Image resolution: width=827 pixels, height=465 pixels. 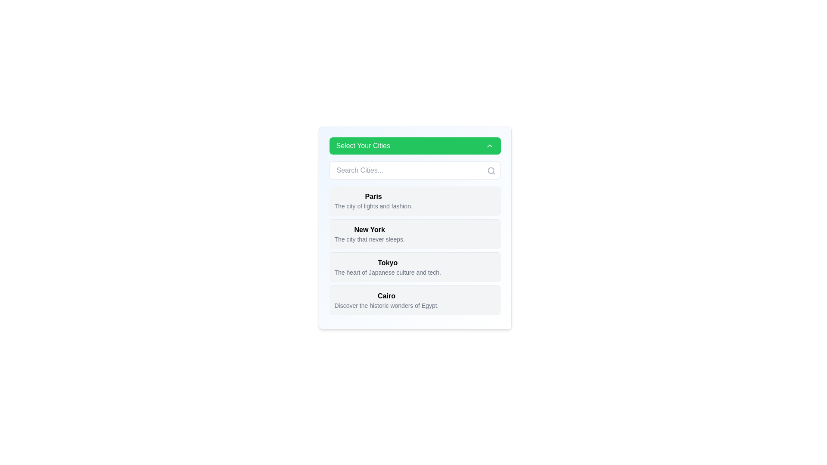 I want to click on the interactive list item titled 'Cairo', so click(x=415, y=300).